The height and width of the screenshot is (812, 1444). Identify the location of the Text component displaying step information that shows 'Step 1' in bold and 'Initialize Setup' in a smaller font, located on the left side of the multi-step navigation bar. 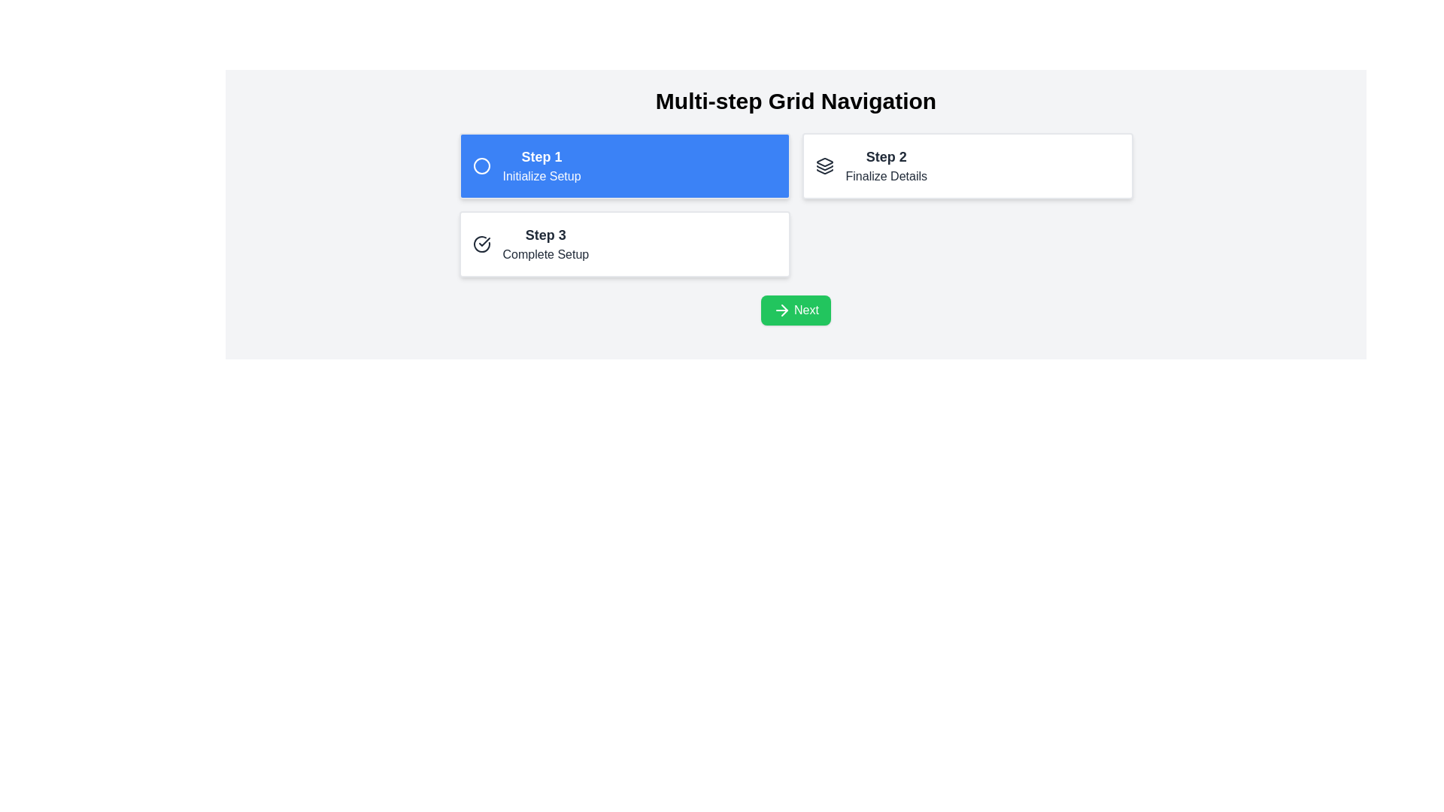
(541, 165).